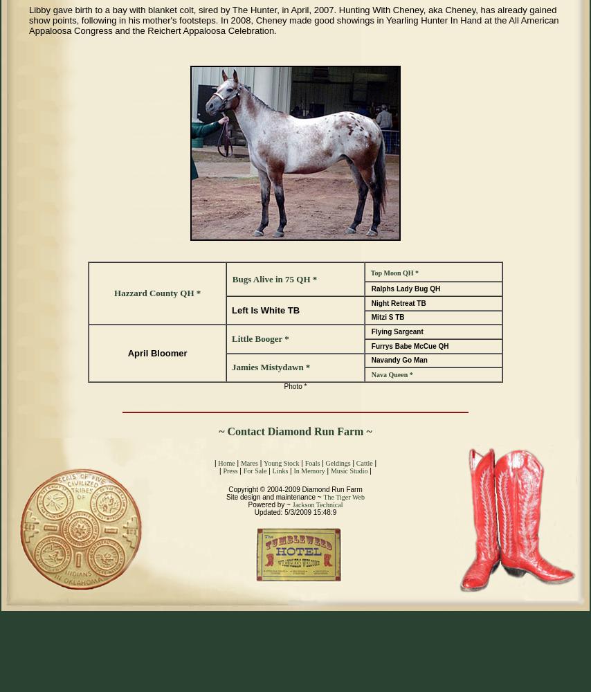  What do you see at coordinates (269, 367) in the screenshot?
I see `'Jamies Mistydawn *'` at bounding box center [269, 367].